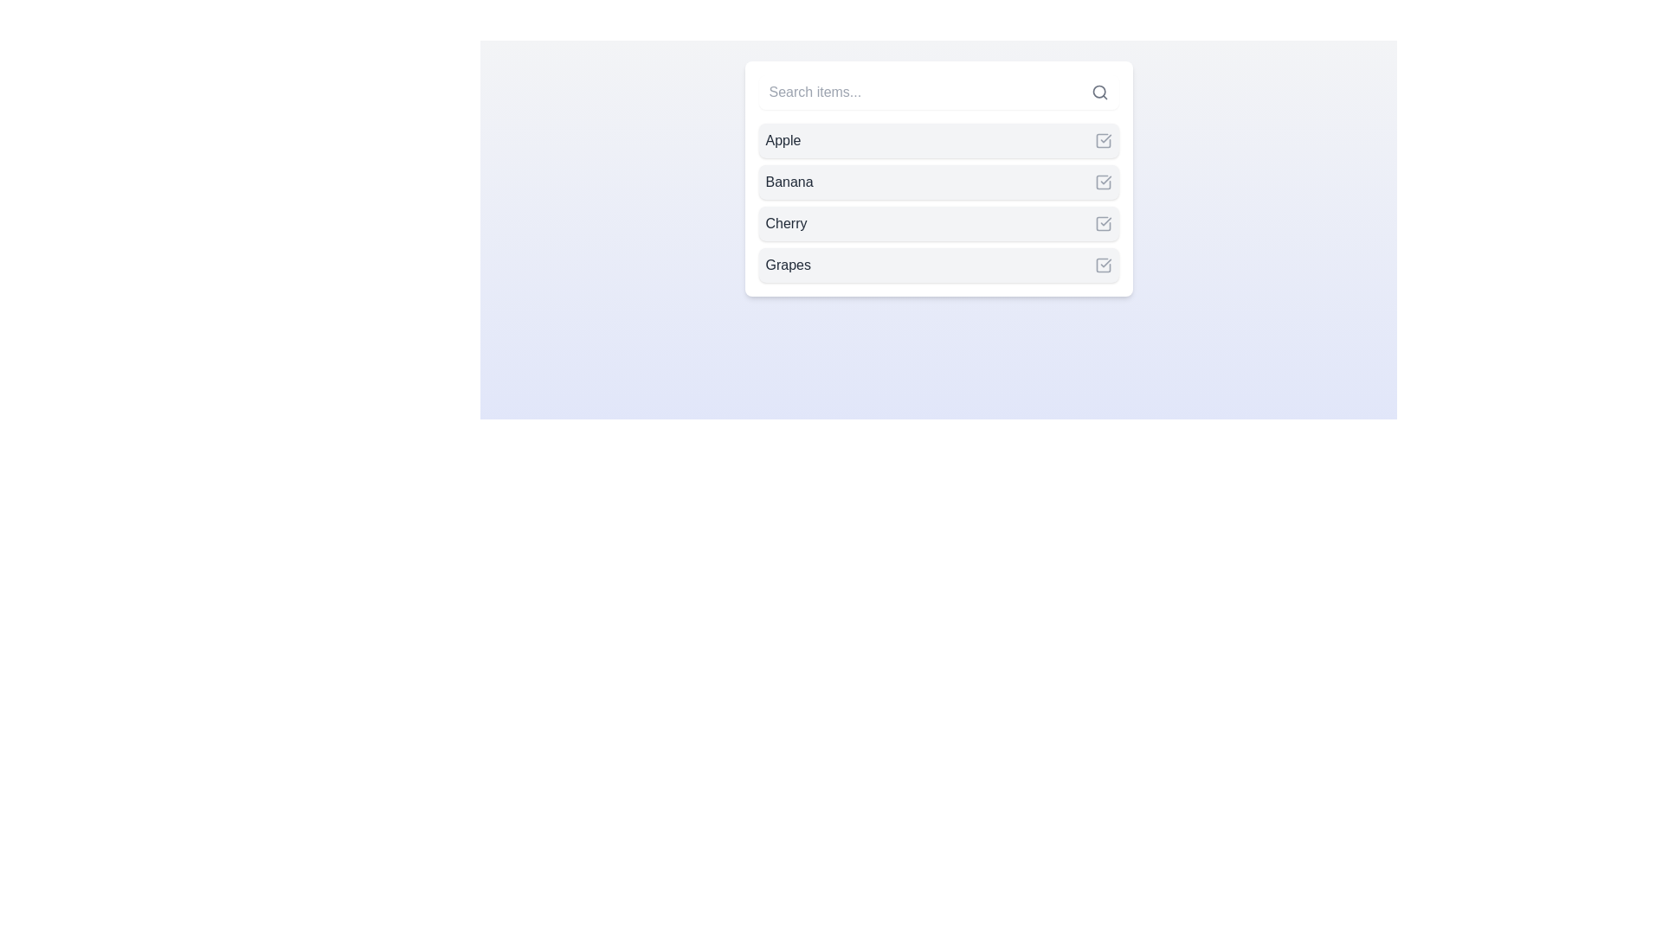  I want to click on the interactive checkbox icon styled in gray with a checkmark, located to the far right of the row labeled 'Cherry' in the list, so click(1102, 222).